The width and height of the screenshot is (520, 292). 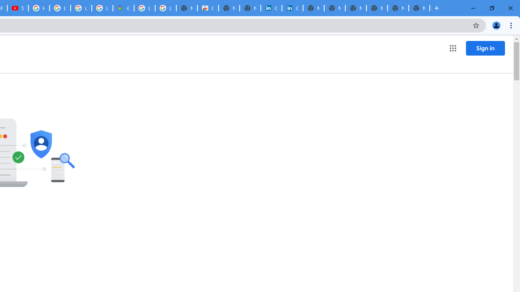 I want to click on 'Subscriptions - YouTube', so click(x=18, y=8).